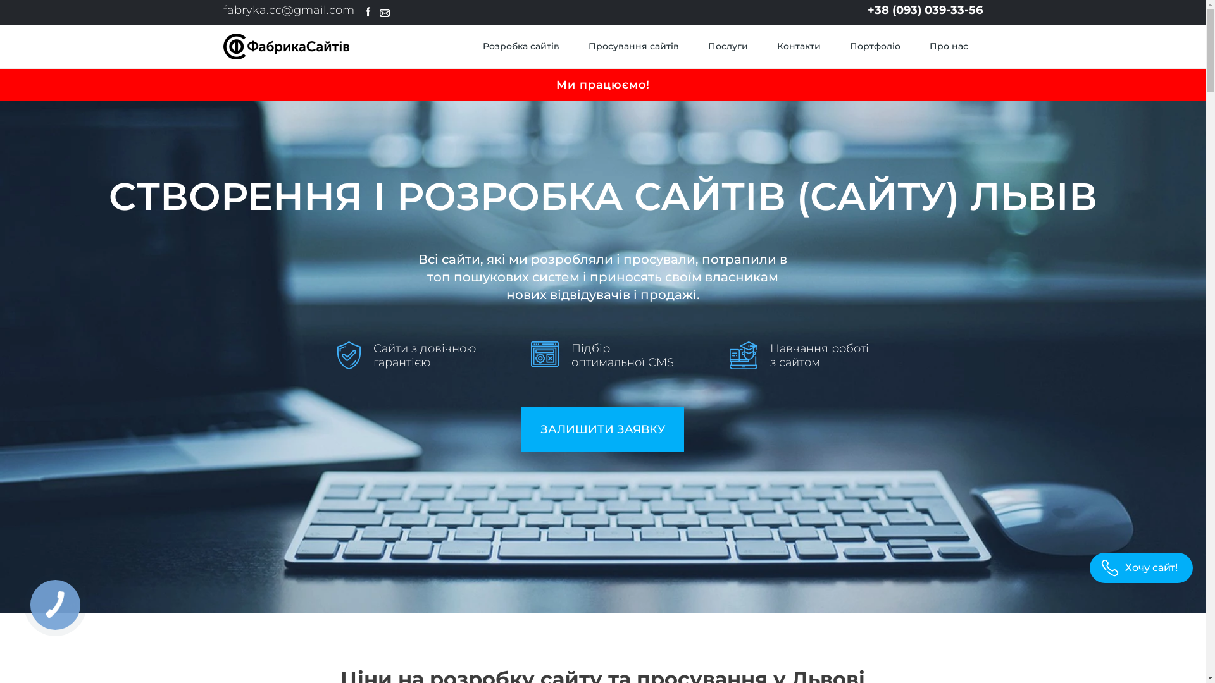  What do you see at coordinates (366, 13) in the screenshot?
I see `'Facebook'` at bounding box center [366, 13].